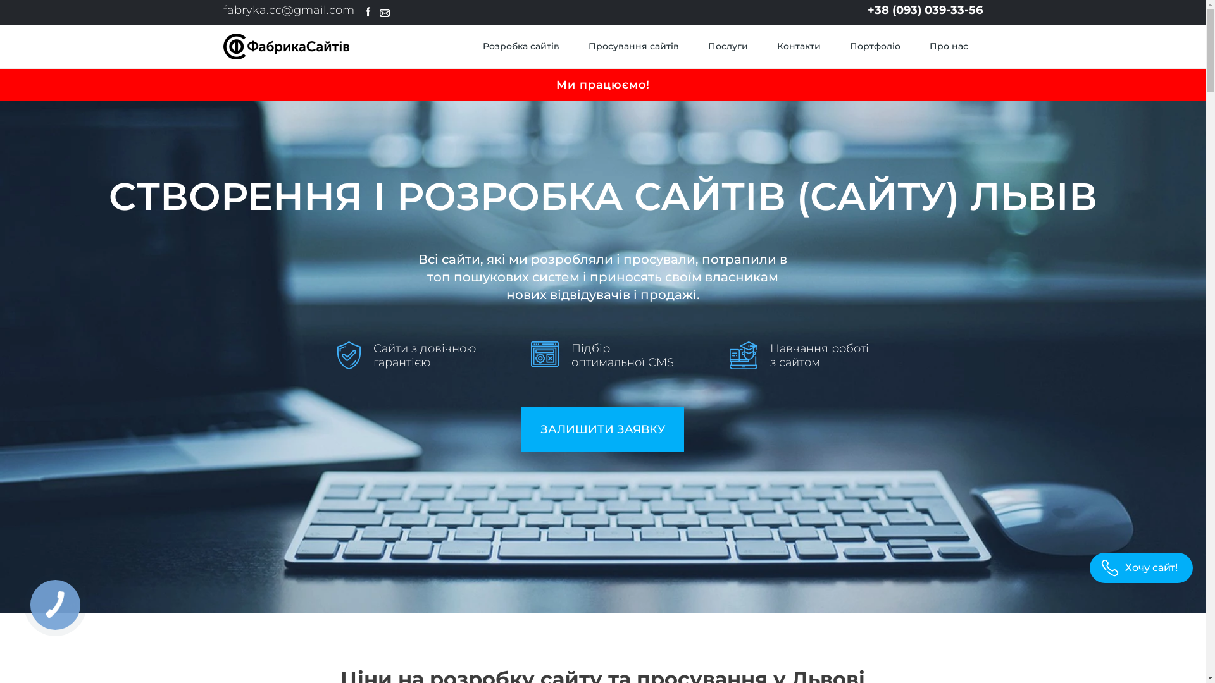  What do you see at coordinates (366, 13) in the screenshot?
I see `'Facebook'` at bounding box center [366, 13].